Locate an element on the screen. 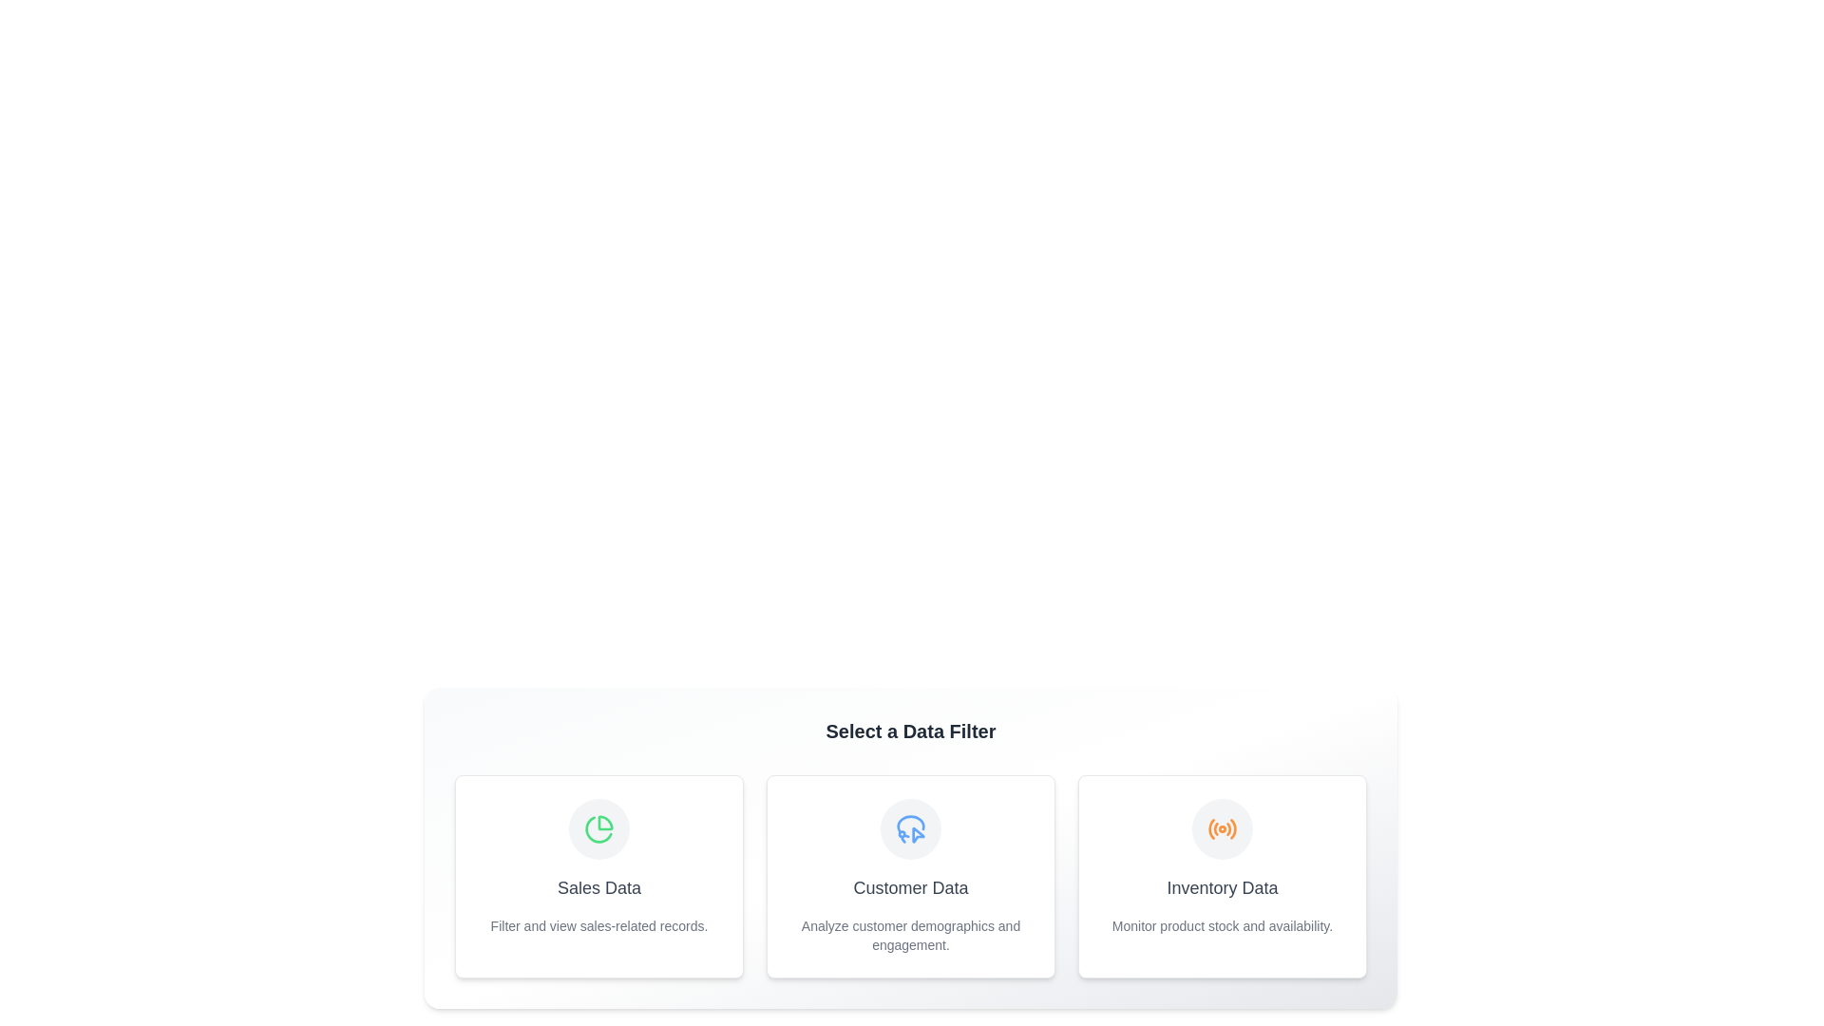  the circular icon with a gray background and a blue lasso-select symbol located above the text 'Customer Data' in the central column is located at coordinates (910, 827).